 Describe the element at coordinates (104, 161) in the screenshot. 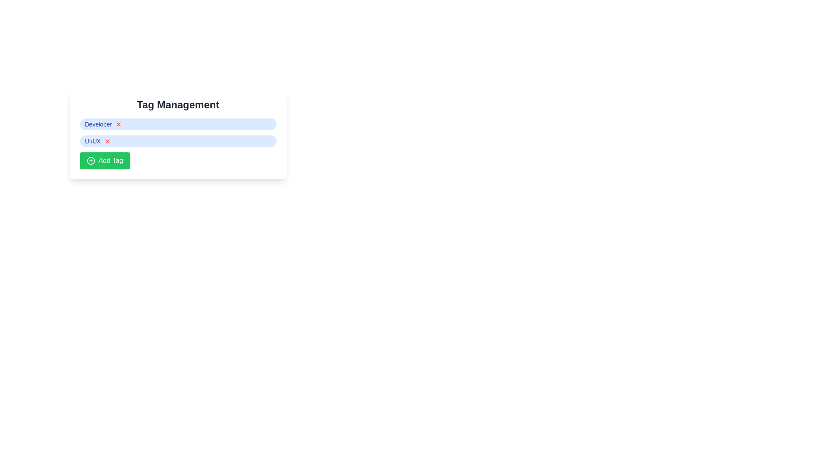

I see `the button that allows users to add a new tag to the list, located at the bottom of the 'Tag Management' section, directly below the 'UI/UX' tag row` at that location.